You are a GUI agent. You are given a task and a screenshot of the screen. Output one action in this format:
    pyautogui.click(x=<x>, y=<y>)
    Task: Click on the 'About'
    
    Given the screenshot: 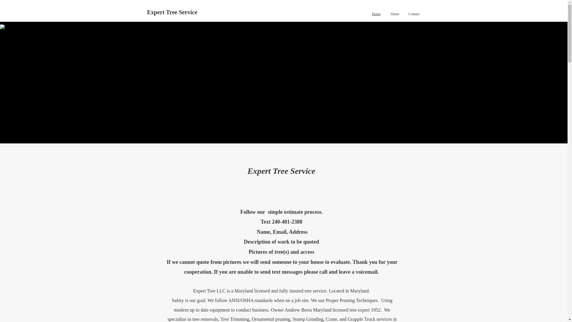 What is the action you would take?
    pyautogui.click(x=394, y=13)
    